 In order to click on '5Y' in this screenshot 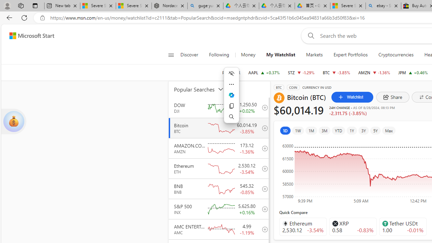, I will do `click(375, 131)`.